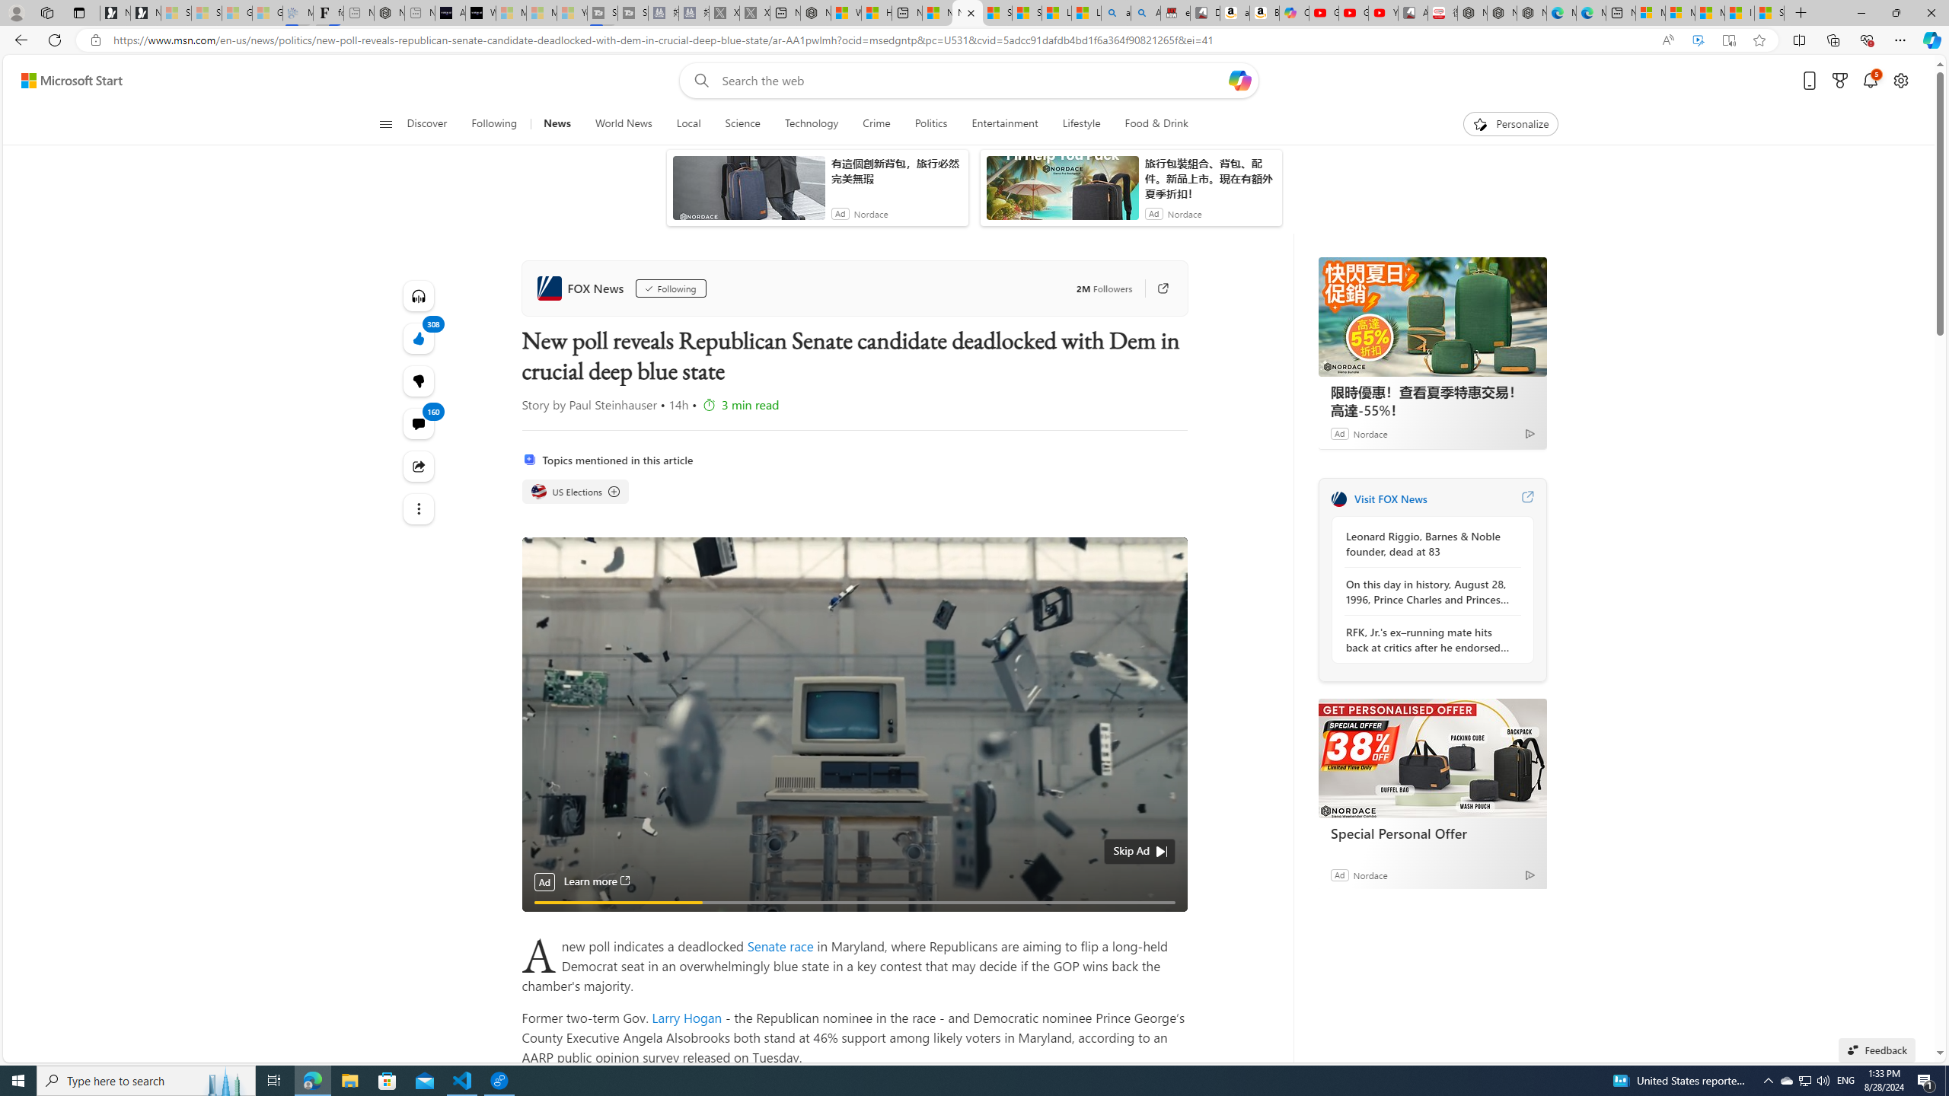  What do you see at coordinates (686, 1017) in the screenshot?
I see `'Larry Hogan'` at bounding box center [686, 1017].